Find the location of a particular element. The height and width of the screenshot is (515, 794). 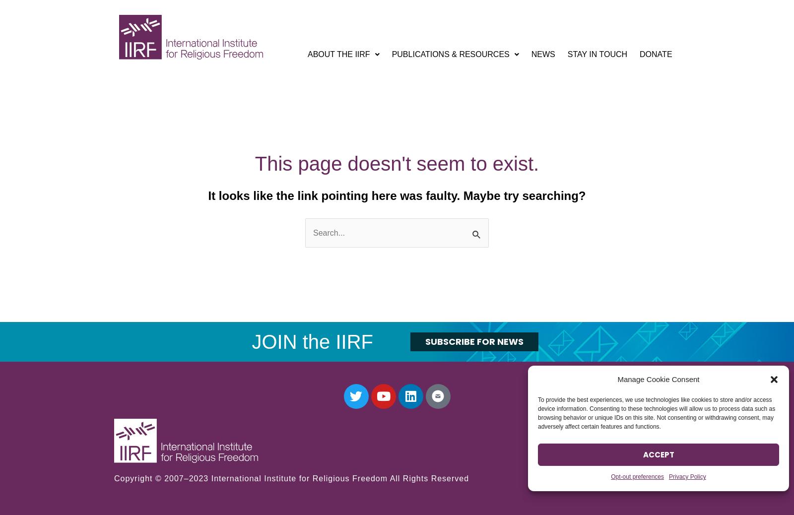

'It looks like the link pointing here was faulty. Maybe try searching?' is located at coordinates (397, 195).